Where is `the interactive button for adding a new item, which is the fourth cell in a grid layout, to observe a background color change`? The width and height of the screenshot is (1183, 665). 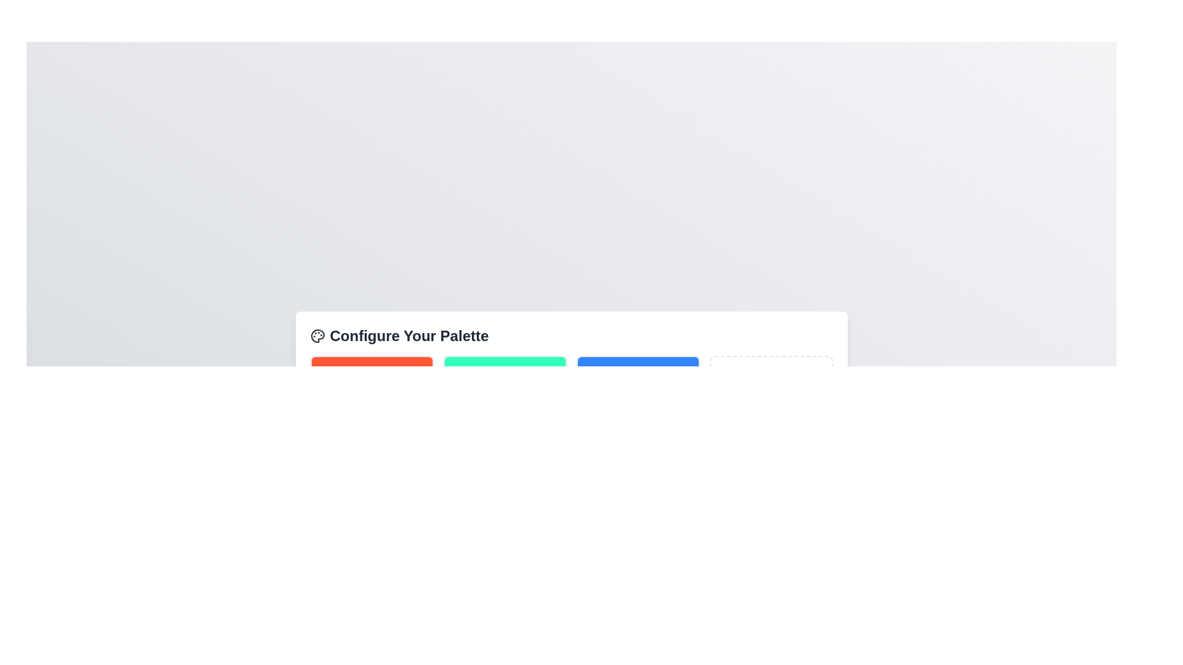
the interactive button for adding a new item, which is the fourth cell in a grid layout, to observe a background color change is located at coordinates (770, 374).